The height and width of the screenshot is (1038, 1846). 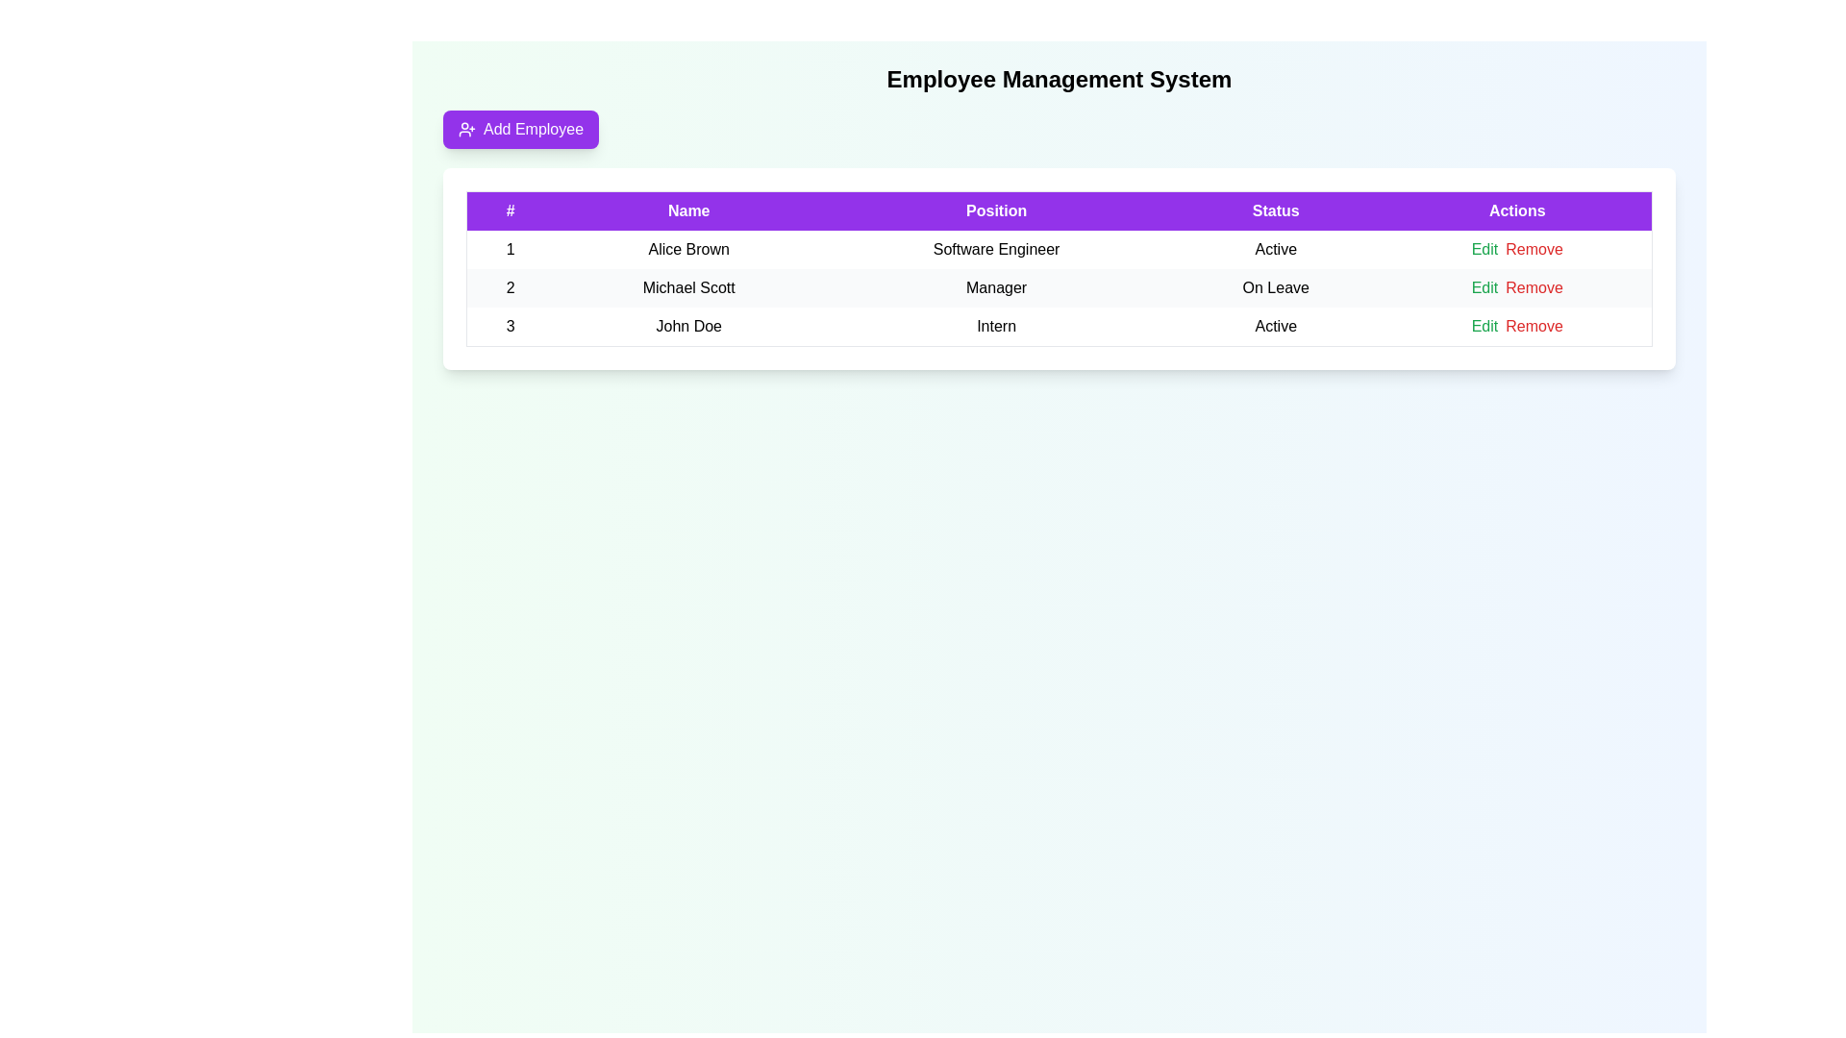 What do you see at coordinates (1276, 210) in the screenshot?
I see `the 'Status' text label, which is styled with a white font on a purple background and is the fourth label in a row of similar elements` at bounding box center [1276, 210].